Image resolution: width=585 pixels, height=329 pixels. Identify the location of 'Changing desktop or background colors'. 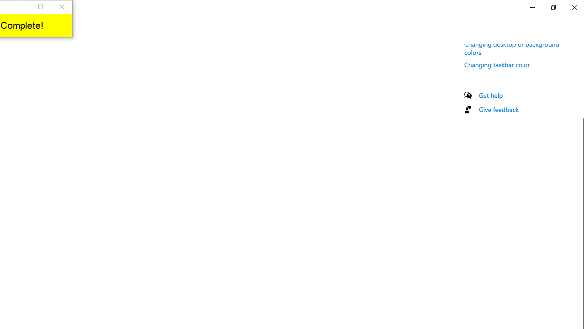
(512, 48).